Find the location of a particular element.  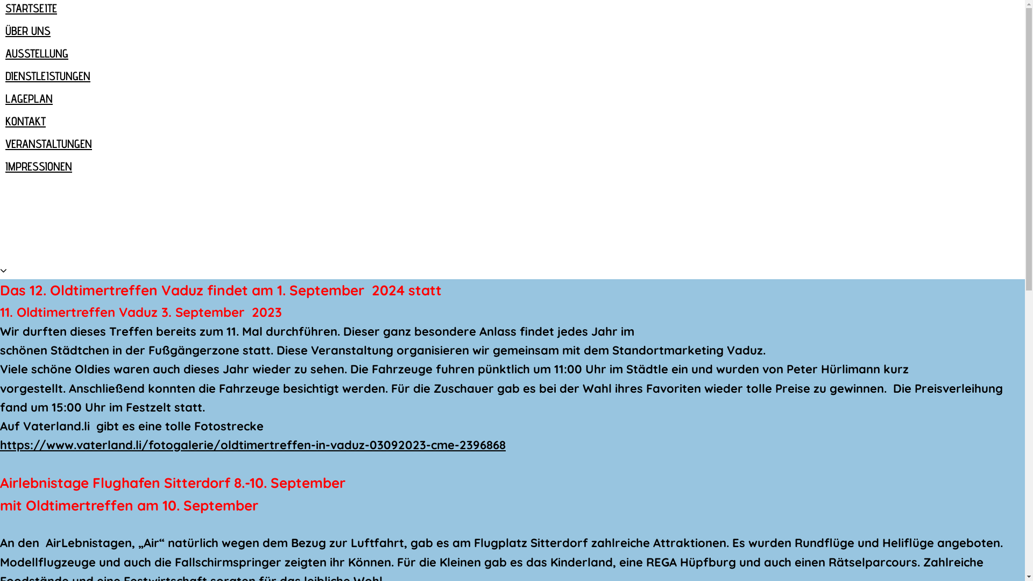

'VERANSTALTUNGEN' is located at coordinates (48, 143).